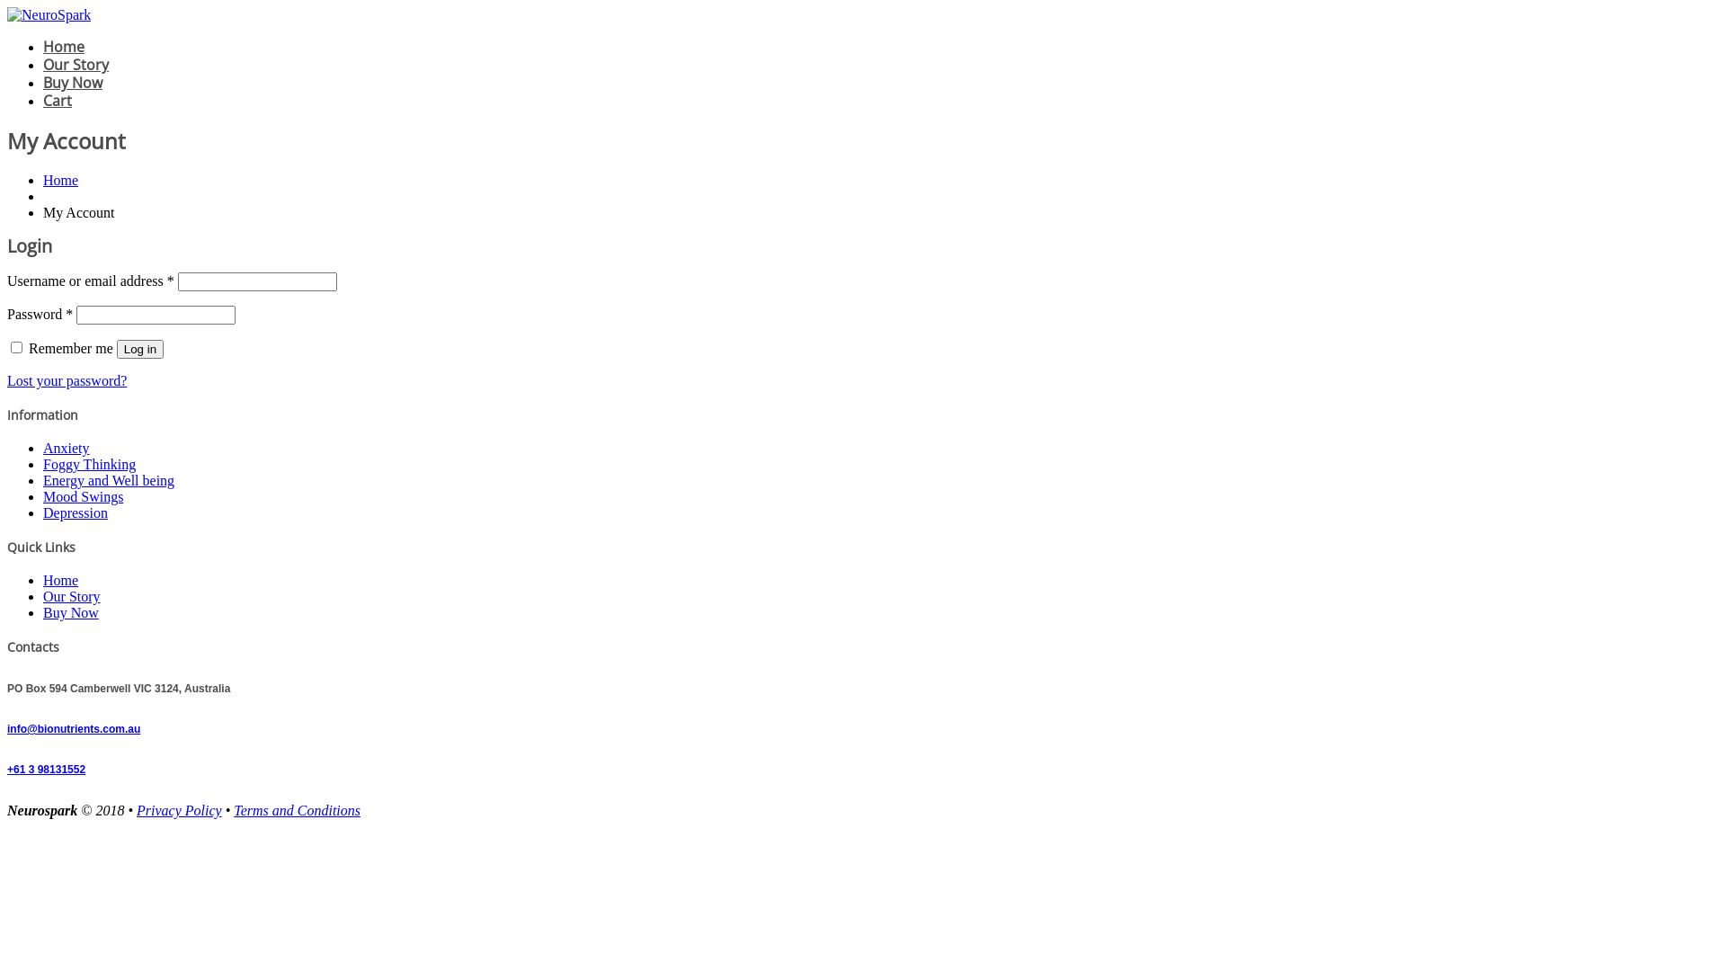 Image resolution: width=1726 pixels, height=971 pixels. Describe the element at coordinates (138, 349) in the screenshot. I see `'Log in'` at that location.